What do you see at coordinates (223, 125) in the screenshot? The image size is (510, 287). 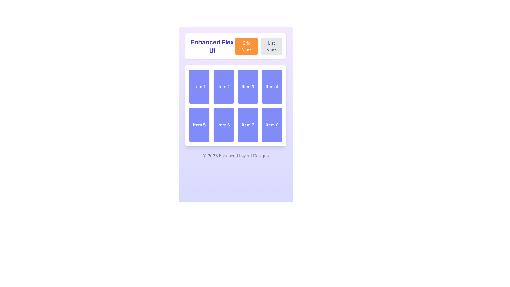 I see `the static label 'Item 6' which is a rectangular box with rounded corners, a purple background, and bold white text, positioned in the second row and column of the grid layout` at bounding box center [223, 125].